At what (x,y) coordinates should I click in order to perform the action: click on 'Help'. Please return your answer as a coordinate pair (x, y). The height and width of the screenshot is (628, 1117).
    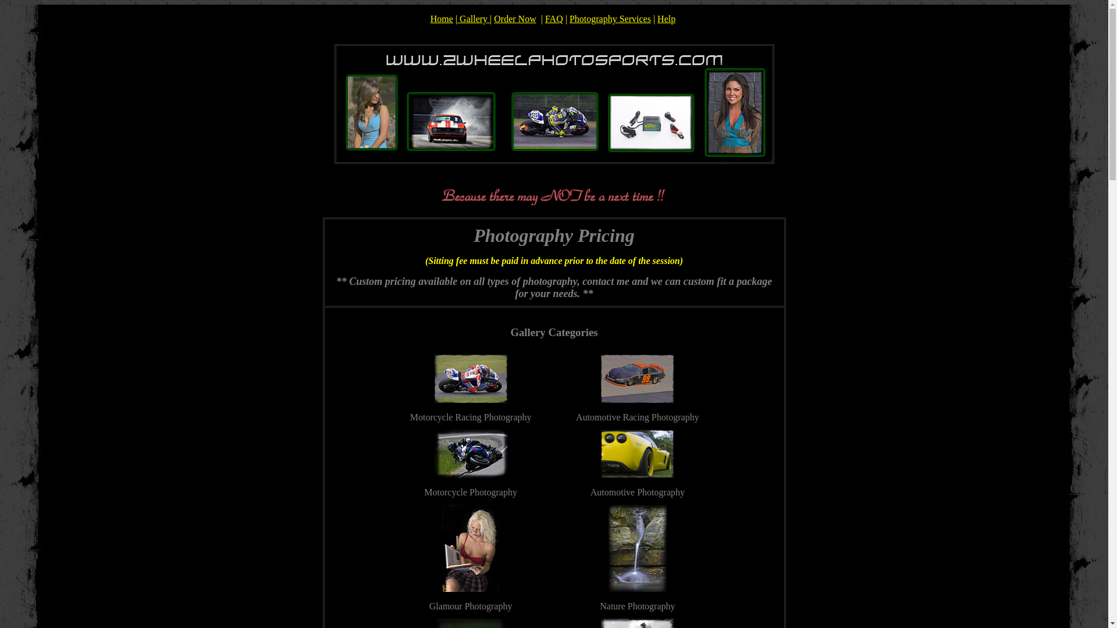
    Looking at the image, I should click on (666, 19).